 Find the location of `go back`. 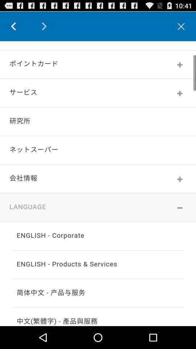

go back is located at coordinates (19, 26).